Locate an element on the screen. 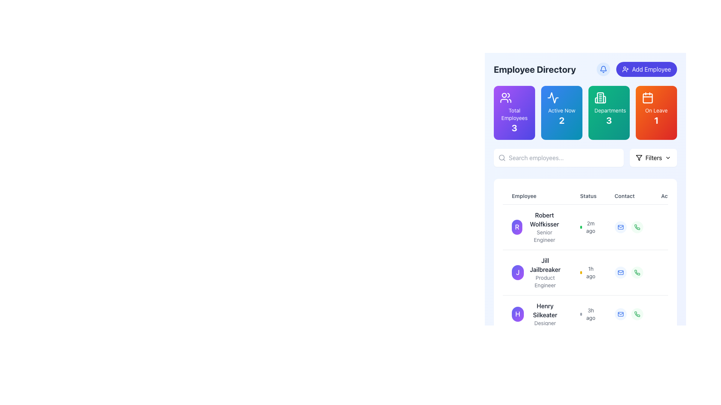  the waveform icon with a white outline on a blue gradient background, located above the 'Active Now' text and the number '2', inside the second button from the left is located at coordinates (553, 97).